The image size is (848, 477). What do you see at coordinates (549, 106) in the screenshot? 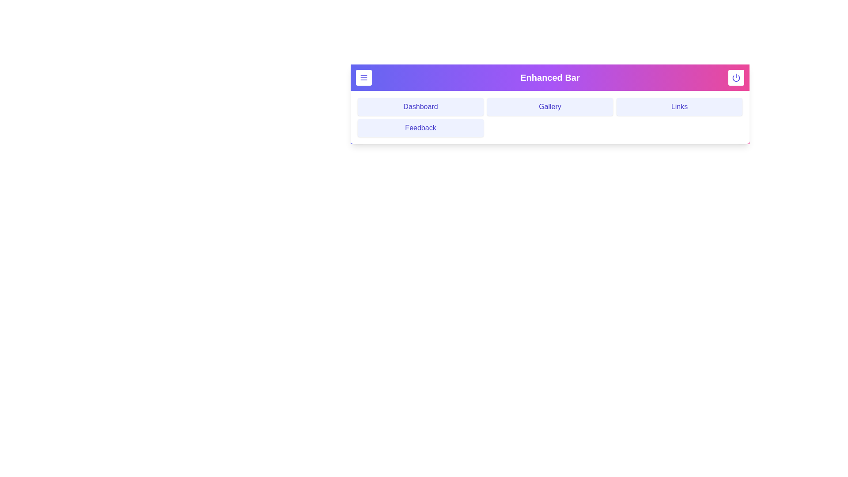
I see `the navigation menu item Gallery` at bounding box center [549, 106].